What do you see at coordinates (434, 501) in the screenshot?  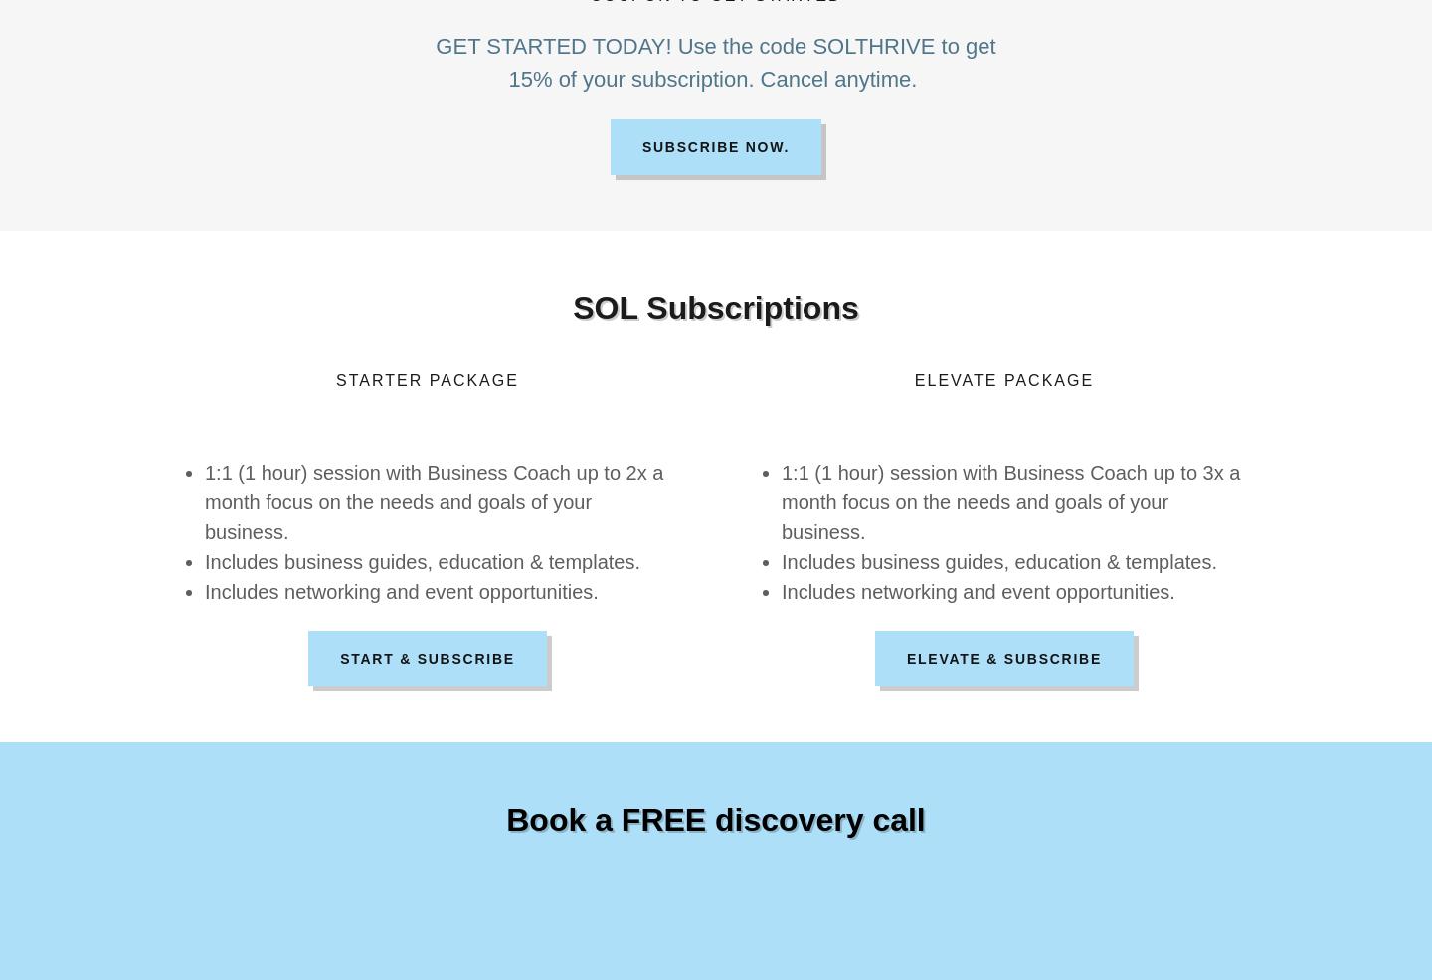 I see `'1:1 (1 hour) session with Business Coach up to 2x a month focus on the needs and goals of your business.'` at bounding box center [434, 501].